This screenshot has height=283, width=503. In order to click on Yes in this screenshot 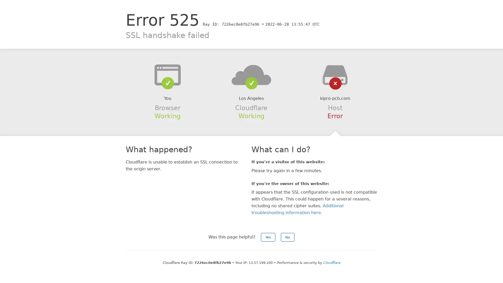, I will do `click(268, 237)`.